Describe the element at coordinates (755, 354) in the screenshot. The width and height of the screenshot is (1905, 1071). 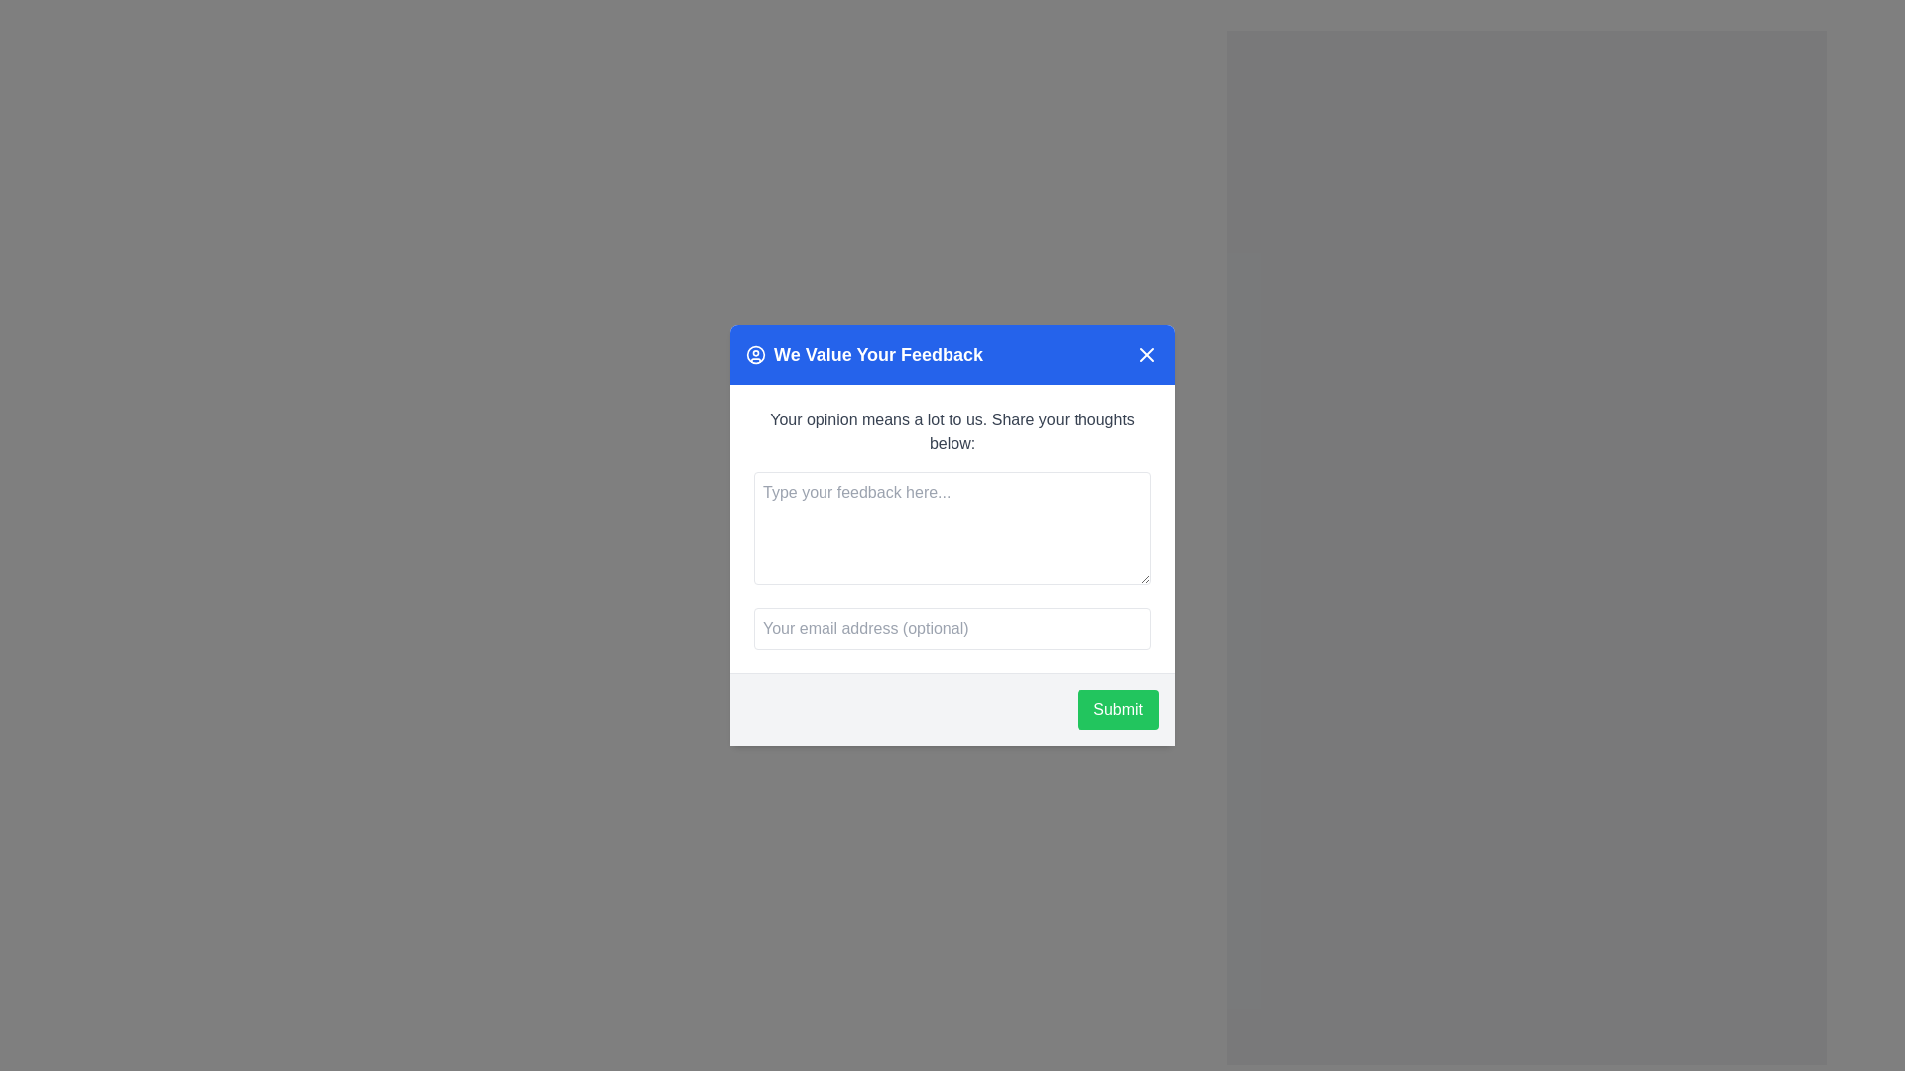
I see `the circular graphic component located in the upper-left corner of the feedback modal header, next to the title 'We Value Your Feedback'` at that location.